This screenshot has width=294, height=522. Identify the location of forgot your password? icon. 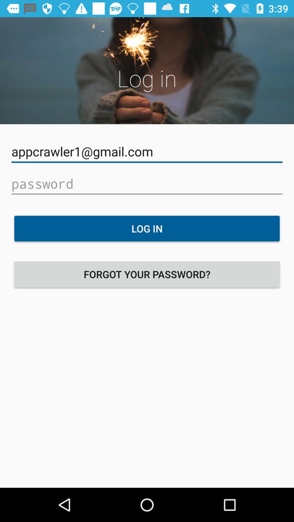
(147, 274).